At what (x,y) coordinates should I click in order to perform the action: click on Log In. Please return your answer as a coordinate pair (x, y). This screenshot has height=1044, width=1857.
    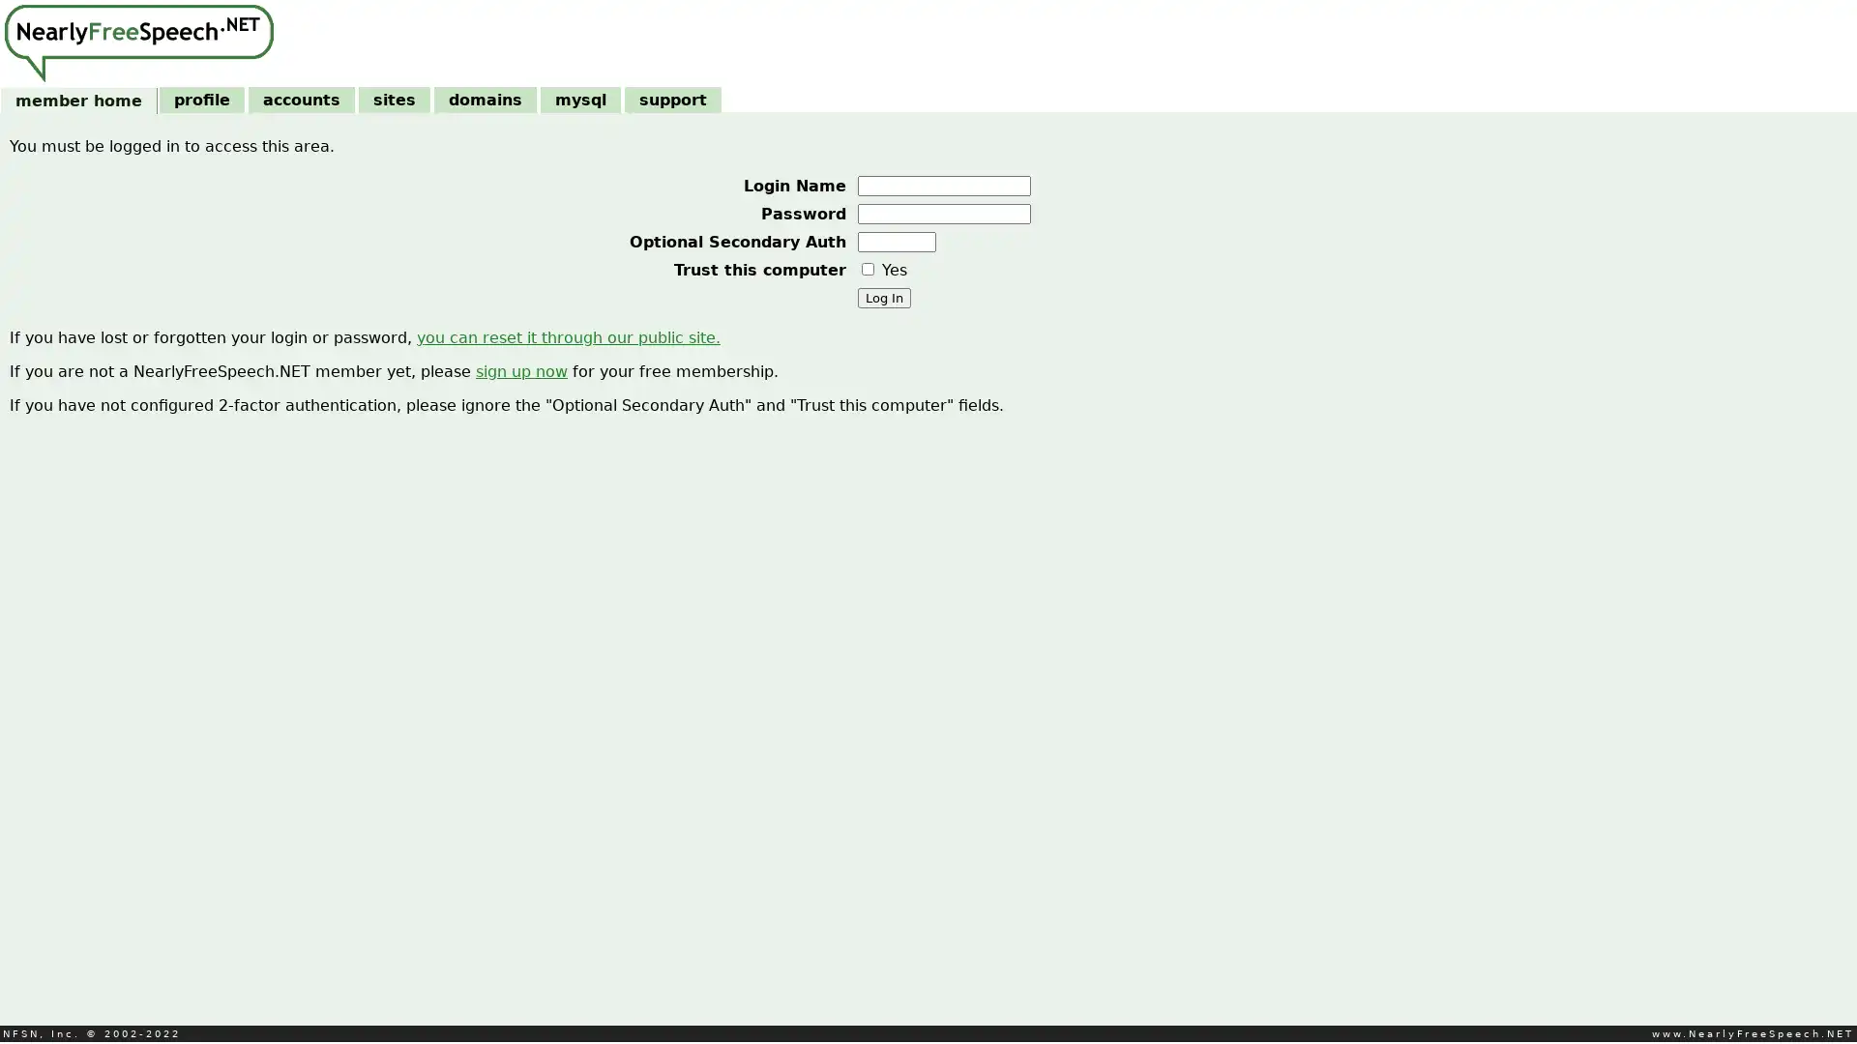
    Looking at the image, I should click on (882, 298).